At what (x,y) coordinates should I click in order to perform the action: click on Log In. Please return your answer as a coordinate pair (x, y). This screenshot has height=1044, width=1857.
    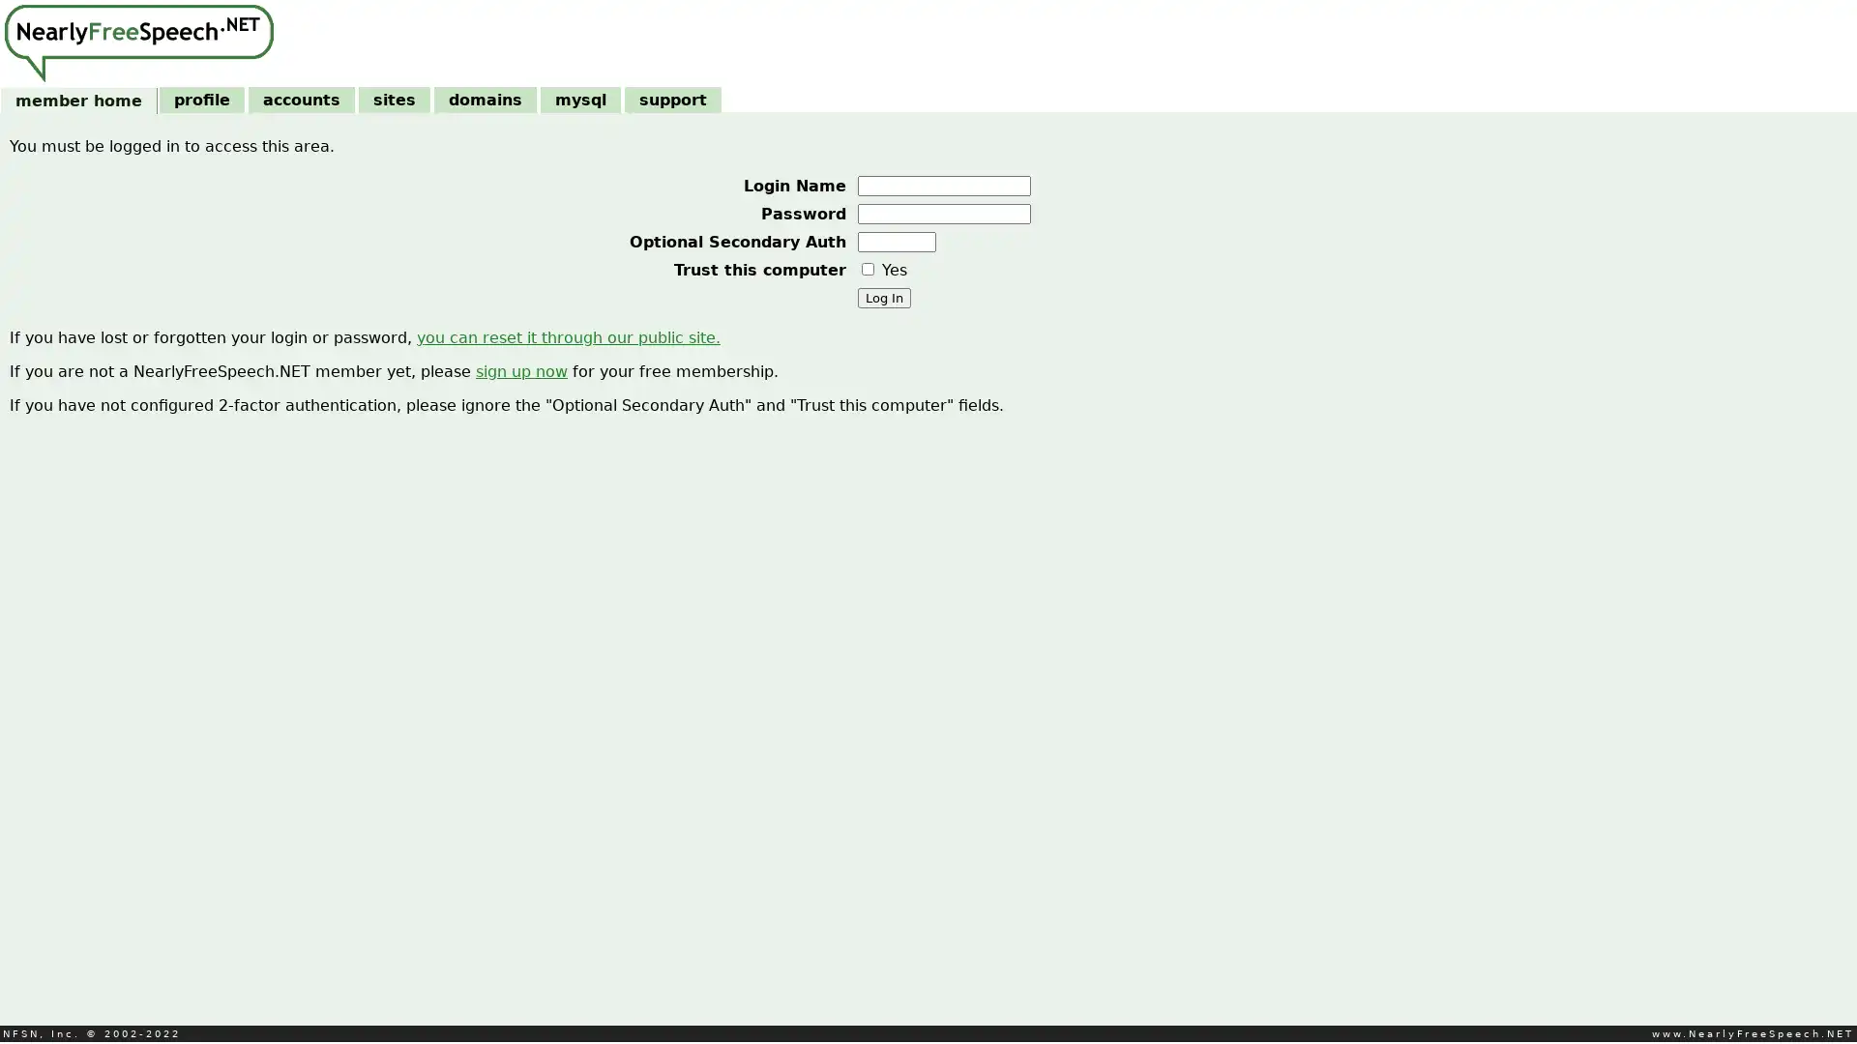
    Looking at the image, I should click on (882, 298).